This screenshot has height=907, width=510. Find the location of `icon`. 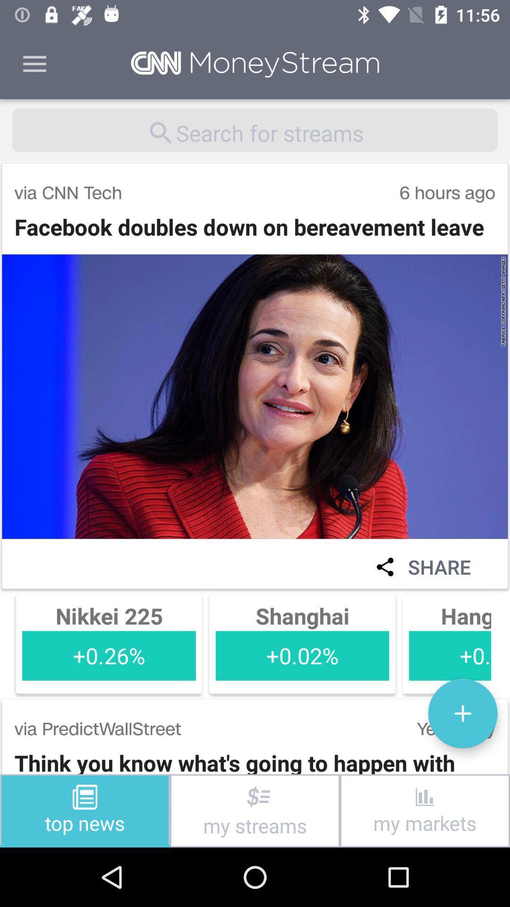

icon is located at coordinates (462, 713).